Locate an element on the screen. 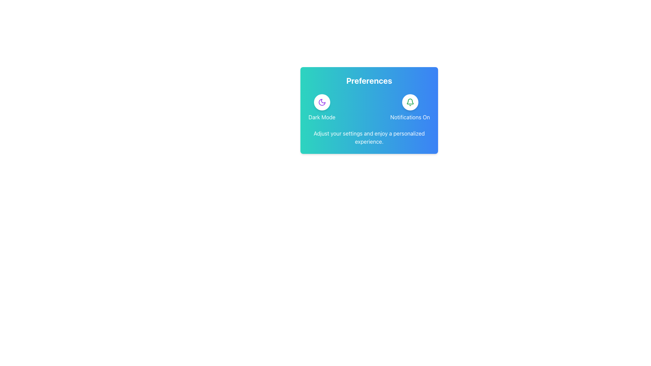 The height and width of the screenshot is (366, 651). the circular button with a green notification bell icon located on the right side of the 'Preferences' box is located at coordinates (410, 102).